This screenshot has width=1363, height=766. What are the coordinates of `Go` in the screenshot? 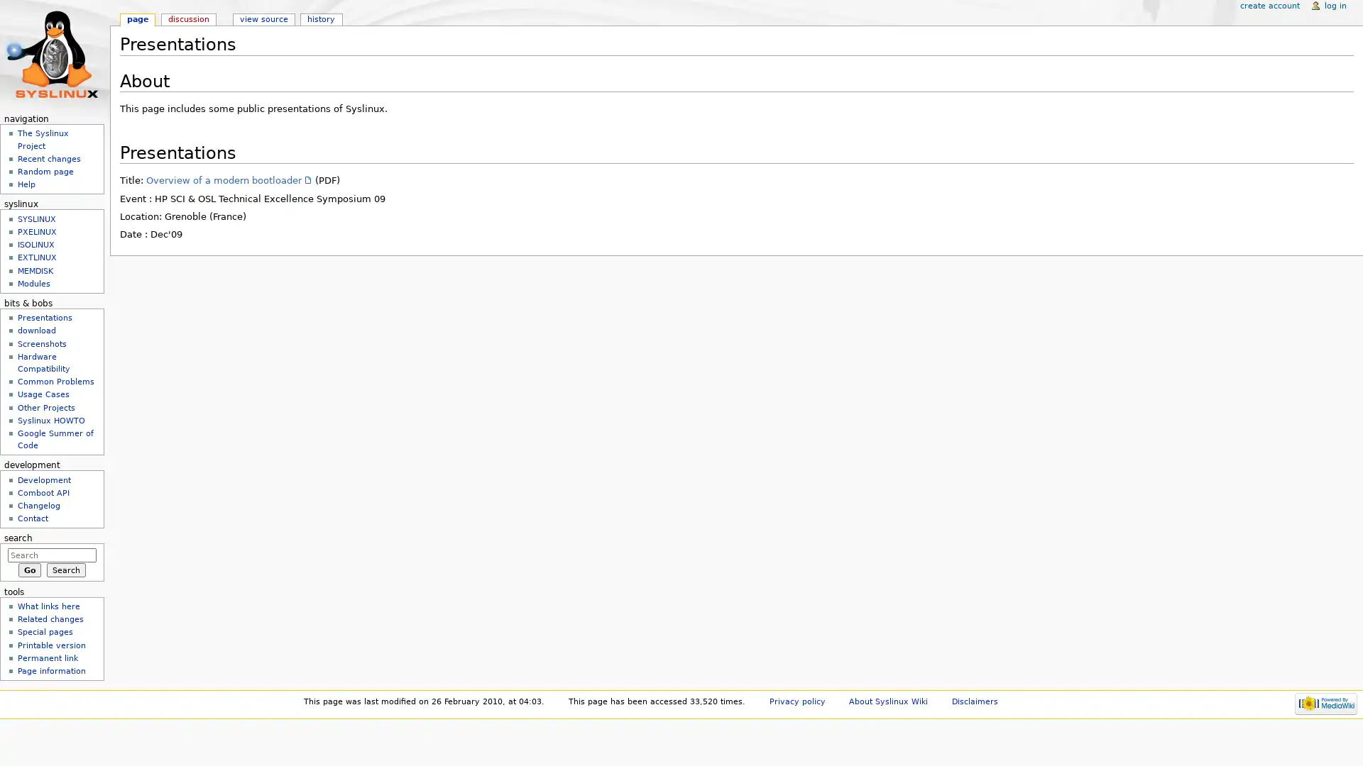 It's located at (29, 569).